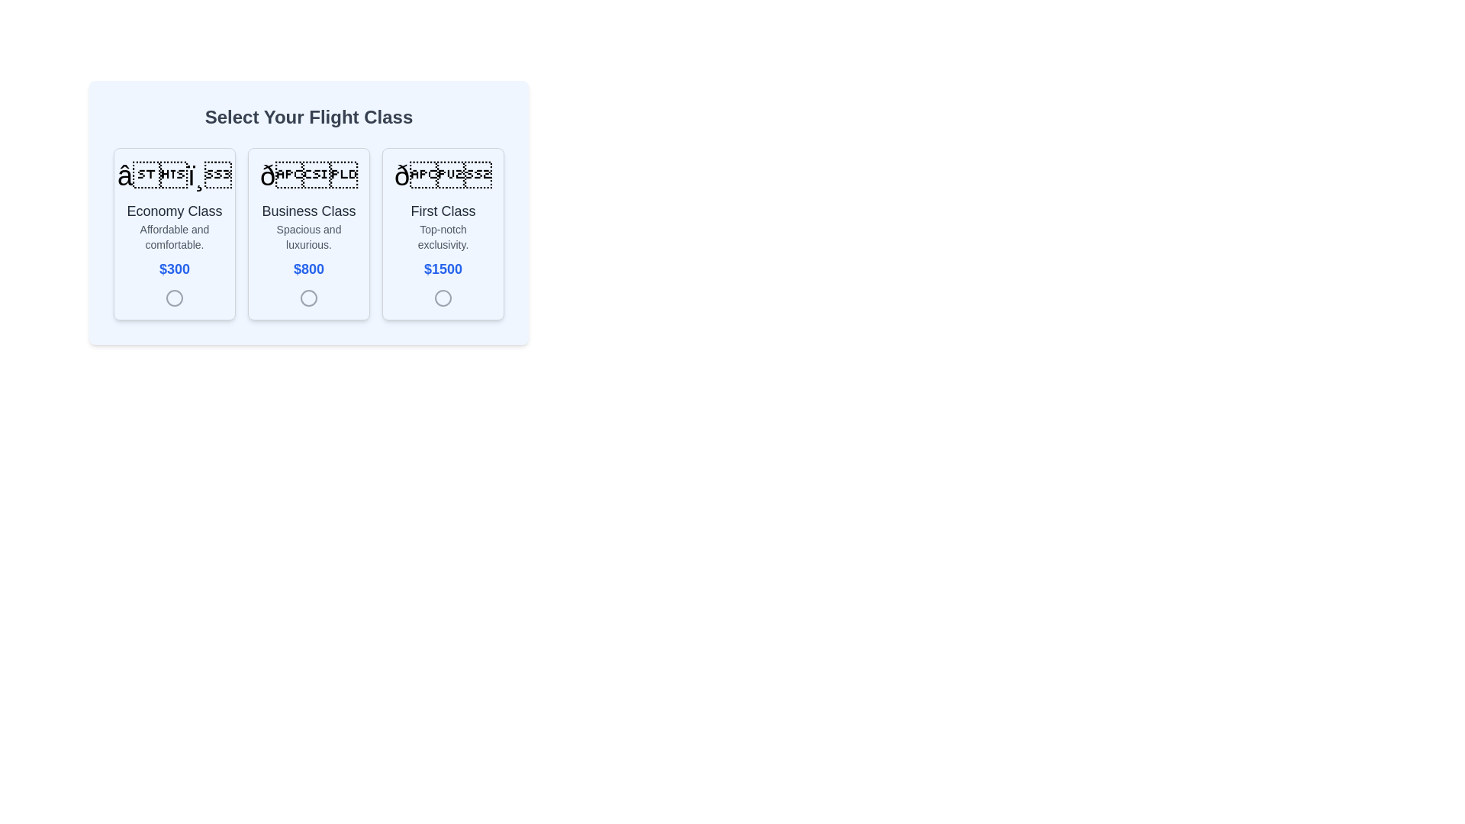 Image resolution: width=1465 pixels, height=824 pixels. What do you see at coordinates (307, 117) in the screenshot?
I see `the centered heading displaying 'Select Your Flight Class' in a bold sans-serif font, positioned above the flight class options` at bounding box center [307, 117].